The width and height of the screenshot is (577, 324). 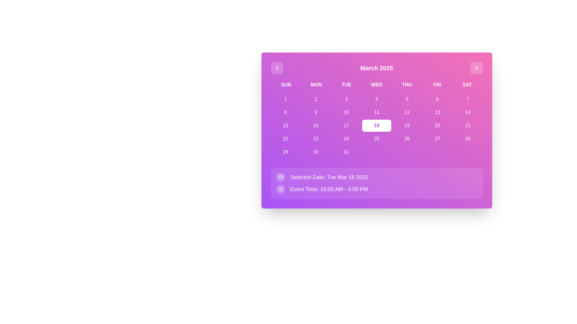 What do you see at coordinates (467, 112) in the screenshot?
I see `the rounded rectangle button containing the number '14' with a pink background` at bounding box center [467, 112].